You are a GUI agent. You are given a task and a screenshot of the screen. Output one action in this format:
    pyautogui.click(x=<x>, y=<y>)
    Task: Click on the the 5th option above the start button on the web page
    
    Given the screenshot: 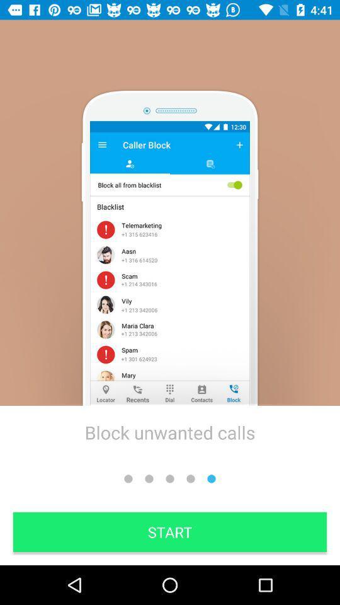 What is the action you would take?
    pyautogui.click(x=212, y=478)
    